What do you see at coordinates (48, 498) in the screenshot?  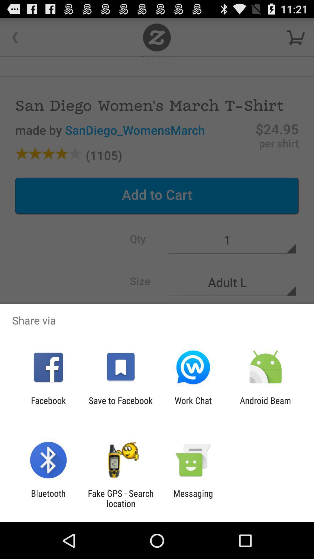 I see `the bluetooth` at bounding box center [48, 498].